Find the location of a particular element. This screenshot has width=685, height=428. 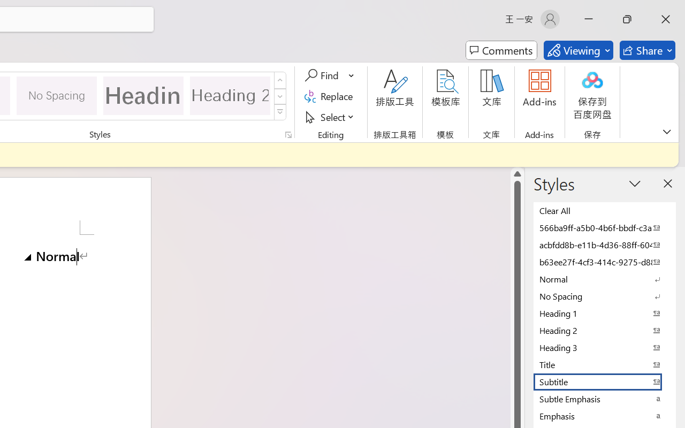

'566ba9ff-a5b0-4b6f-bbdf-c3ab41993fc2' is located at coordinates (605, 227).